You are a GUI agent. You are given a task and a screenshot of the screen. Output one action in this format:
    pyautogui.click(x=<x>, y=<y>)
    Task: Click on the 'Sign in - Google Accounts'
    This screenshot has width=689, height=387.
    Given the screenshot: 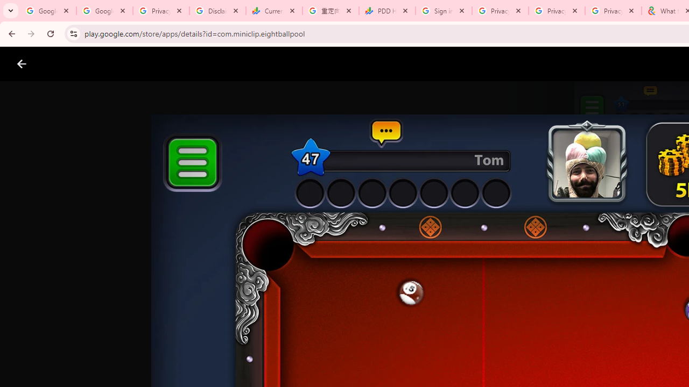 What is the action you would take?
    pyautogui.click(x=444, y=11)
    